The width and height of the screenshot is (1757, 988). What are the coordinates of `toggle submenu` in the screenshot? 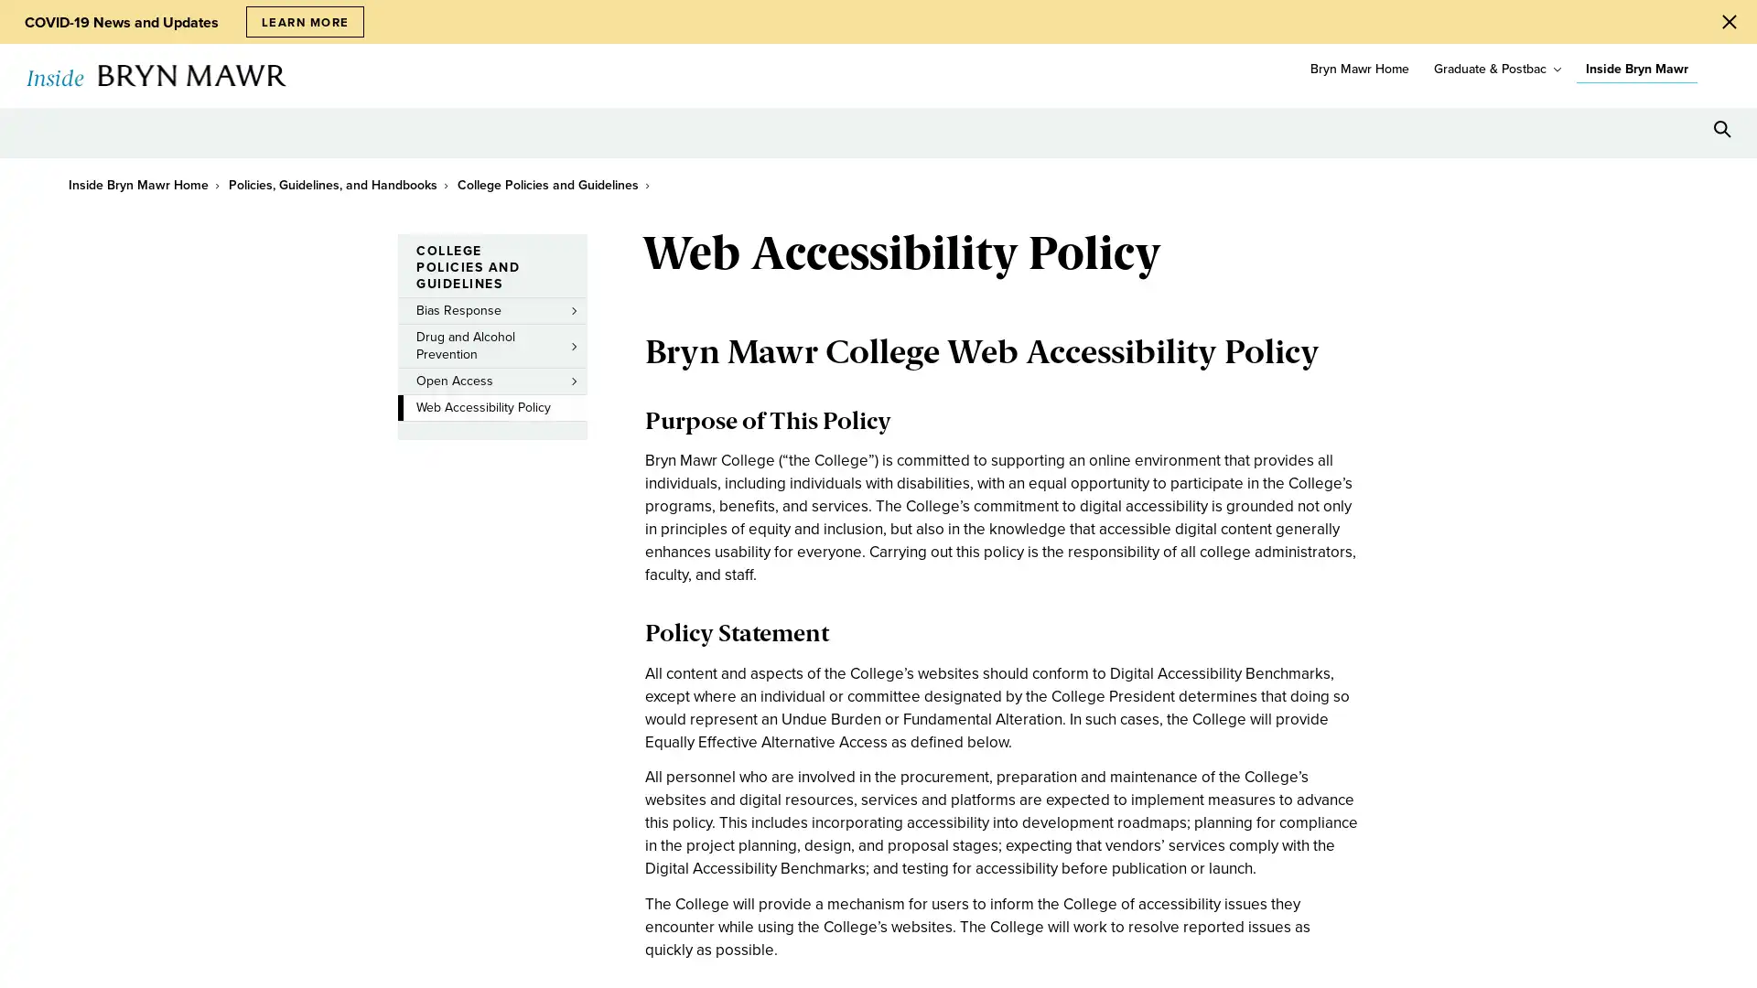 It's located at (821, 119).